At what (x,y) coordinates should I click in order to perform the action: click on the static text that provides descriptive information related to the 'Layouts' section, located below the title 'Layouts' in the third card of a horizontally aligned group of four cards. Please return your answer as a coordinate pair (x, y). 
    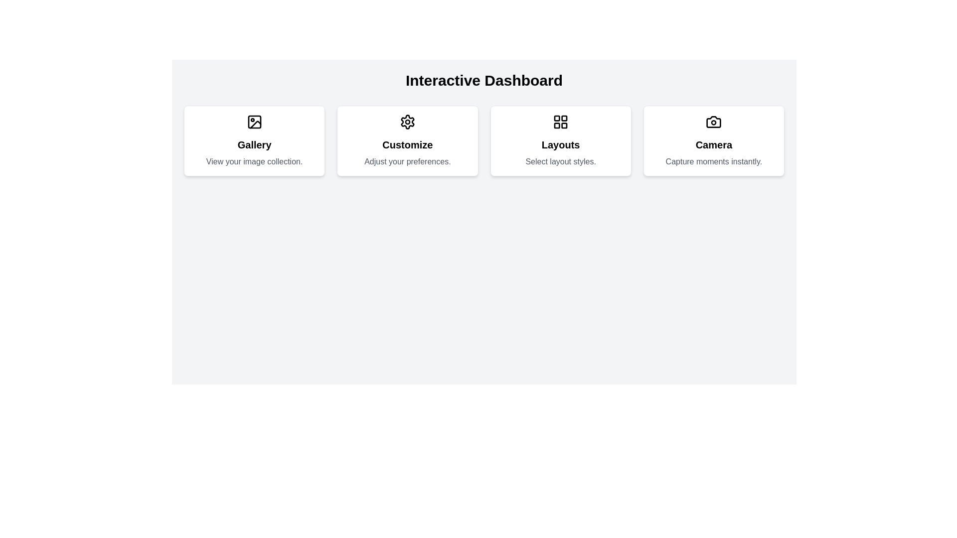
    Looking at the image, I should click on (561, 161).